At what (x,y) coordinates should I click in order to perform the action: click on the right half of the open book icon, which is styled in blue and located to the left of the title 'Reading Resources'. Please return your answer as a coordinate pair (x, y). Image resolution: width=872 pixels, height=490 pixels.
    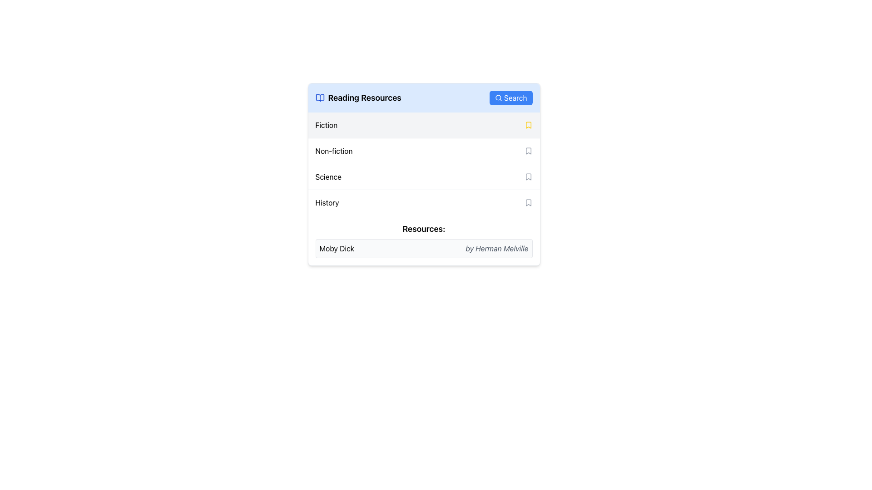
    Looking at the image, I should click on (320, 98).